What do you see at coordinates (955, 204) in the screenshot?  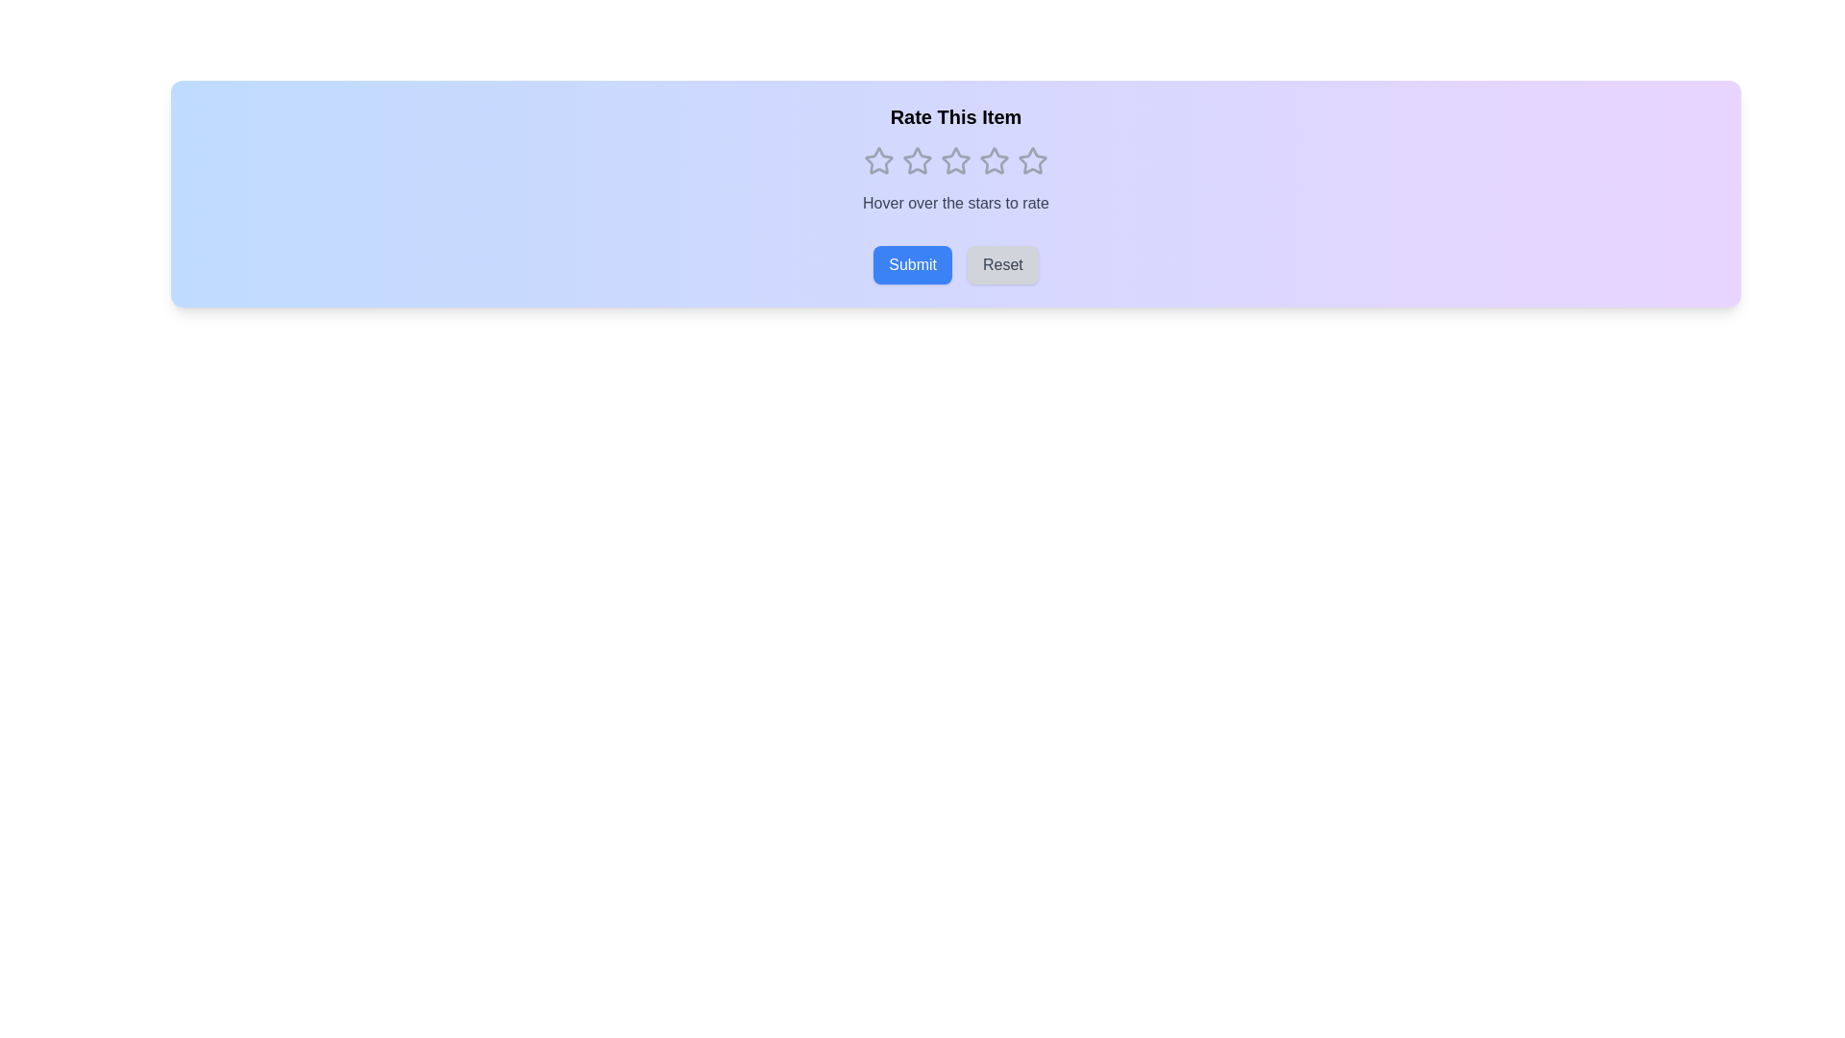 I see `instructional text label located centrally beneath the star rating component in the 'Rate This Item' group` at bounding box center [955, 204].